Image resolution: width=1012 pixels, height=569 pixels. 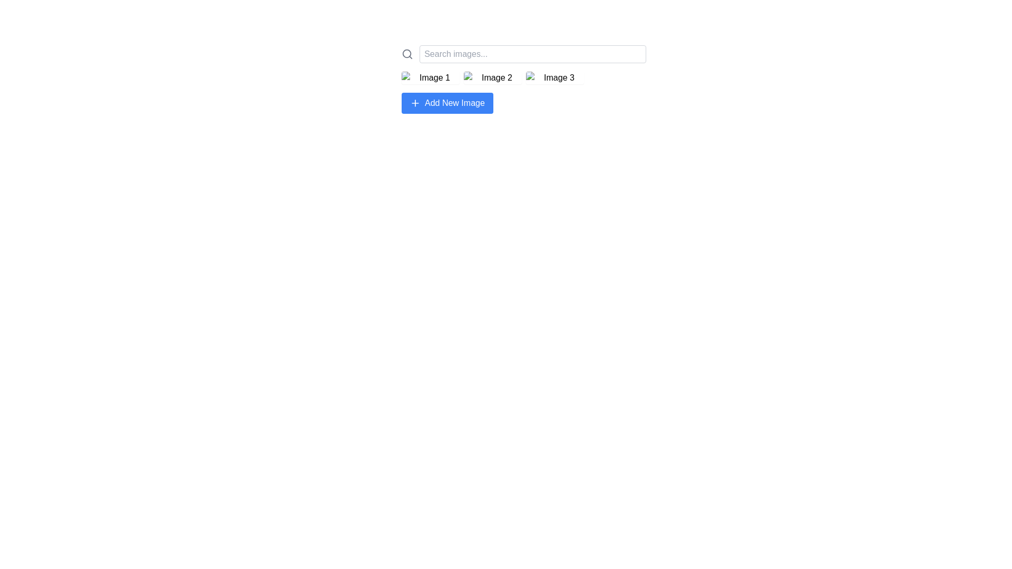 I want to click on to select the second item in the image gallery labeled 'Image 2', so click(x=492, y=77).